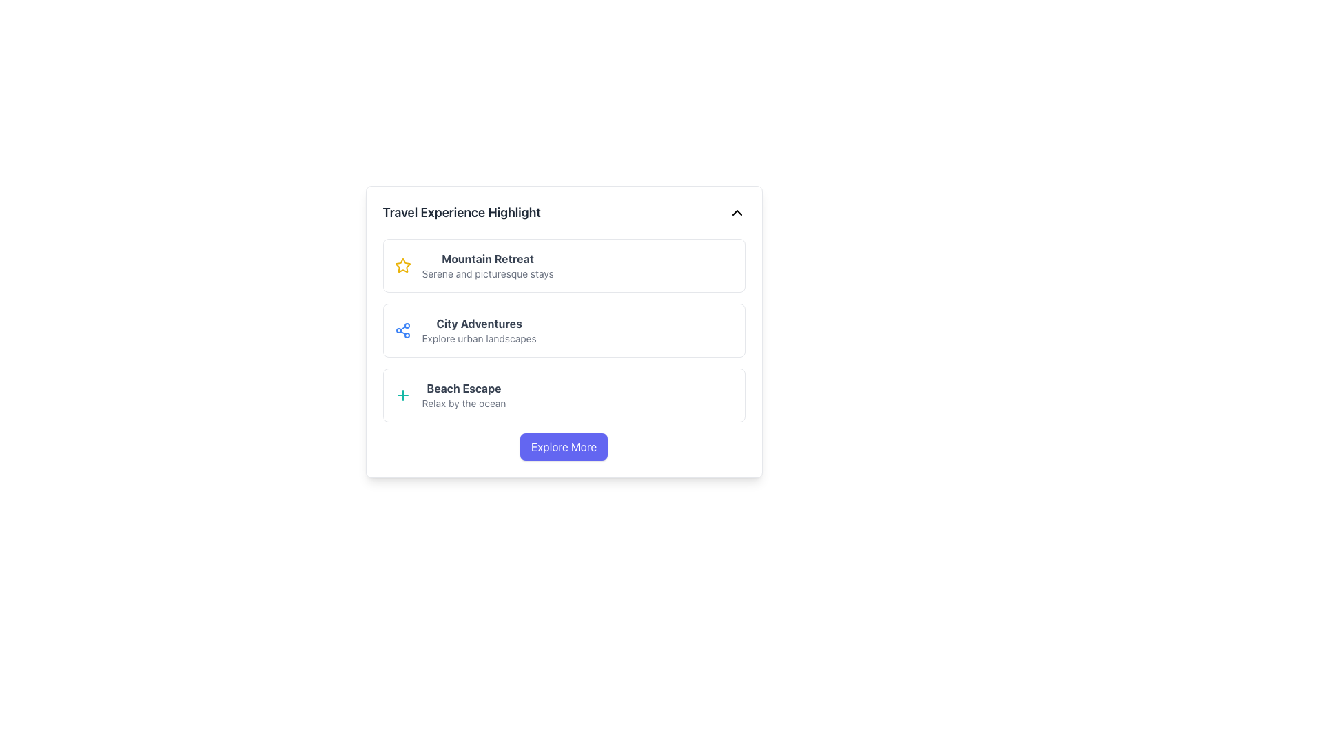  What do you see at coordinates (402, 330) in the screenshot?
I see `the small blue icon resembling a connected node or share symbol located in the top-left corner of the card labeled 'City Adventures: Explore urban landscapes'` at bounding box center [402, 330].